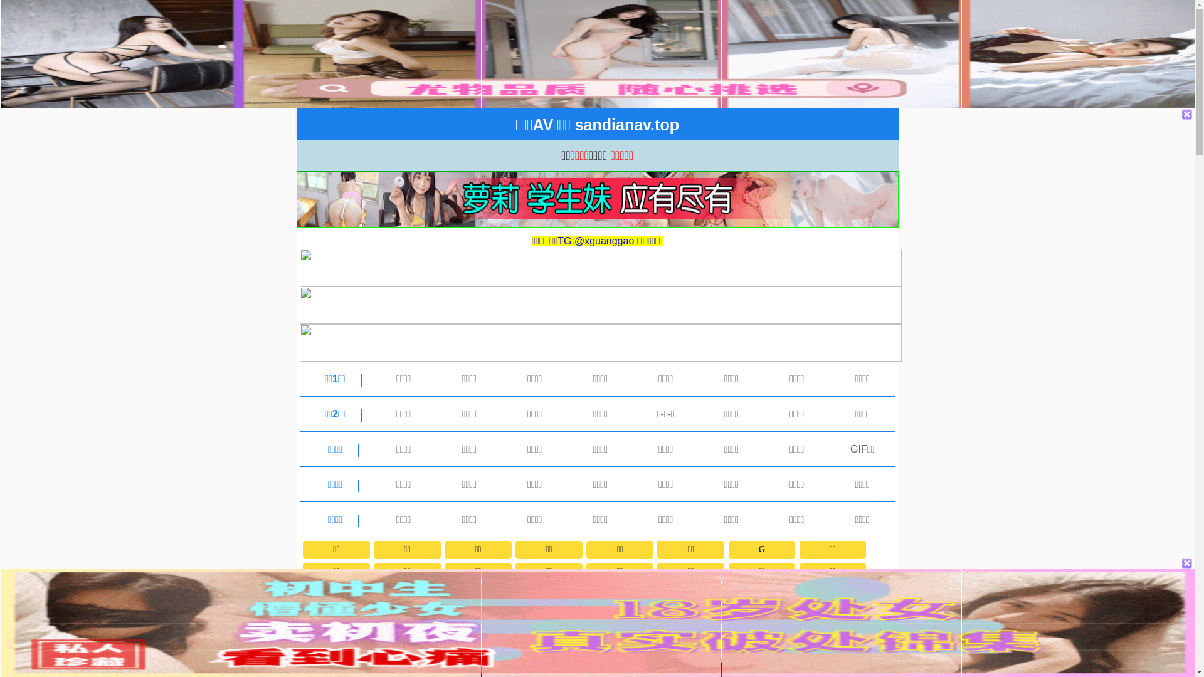  I want to click on 'G', so click(761, 548).